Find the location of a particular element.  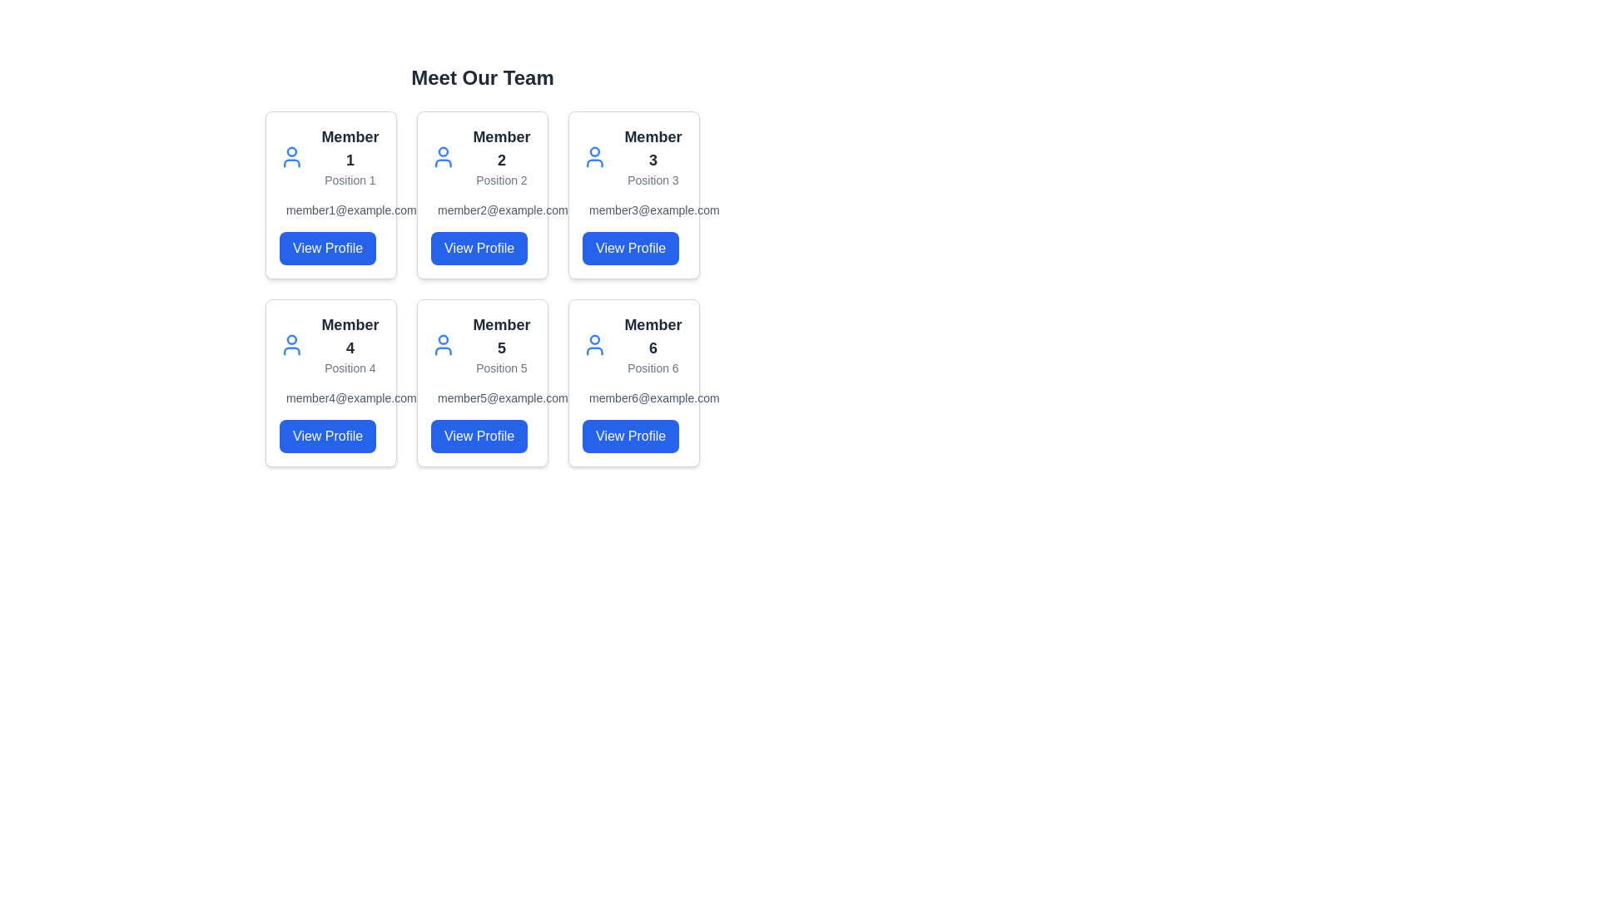

the 'Member 4' text label element, which is prominently displayed in bold at the top of the profile card in the second row of the team profile grid layout is located at coordinates (349, 337).